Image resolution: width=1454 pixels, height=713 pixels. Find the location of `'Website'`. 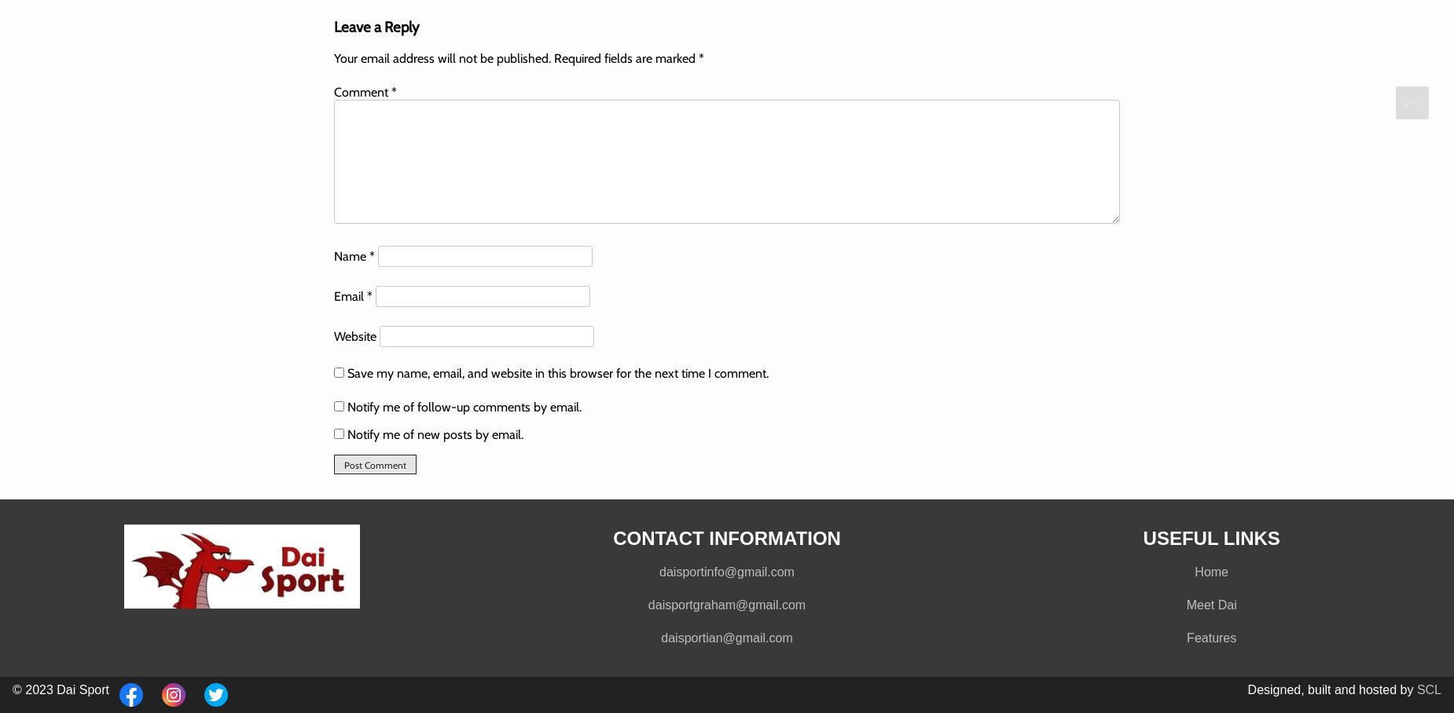

'Website' is located at coordinates (354, 335).